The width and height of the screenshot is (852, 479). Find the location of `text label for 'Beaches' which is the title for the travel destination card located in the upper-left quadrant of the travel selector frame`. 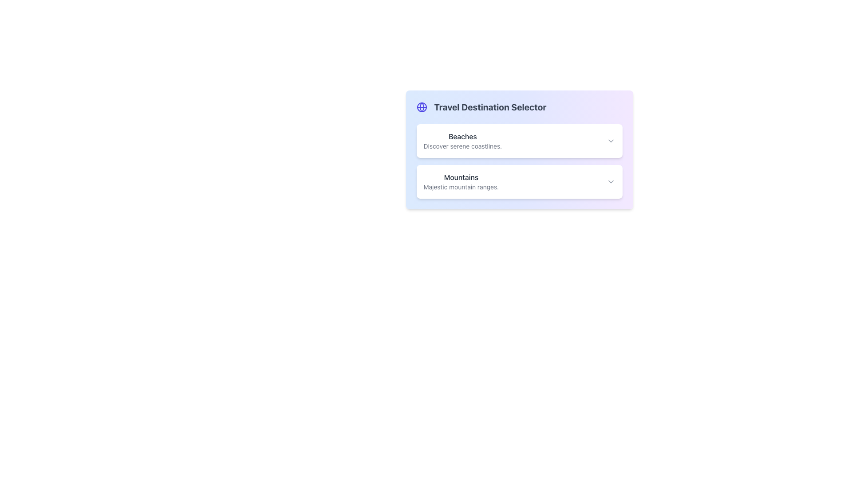

text label for 'Beaches' which is the title for the travel destination card located in the upper-left quadrant of the travel selector frame is located at coordinates (462, 137).